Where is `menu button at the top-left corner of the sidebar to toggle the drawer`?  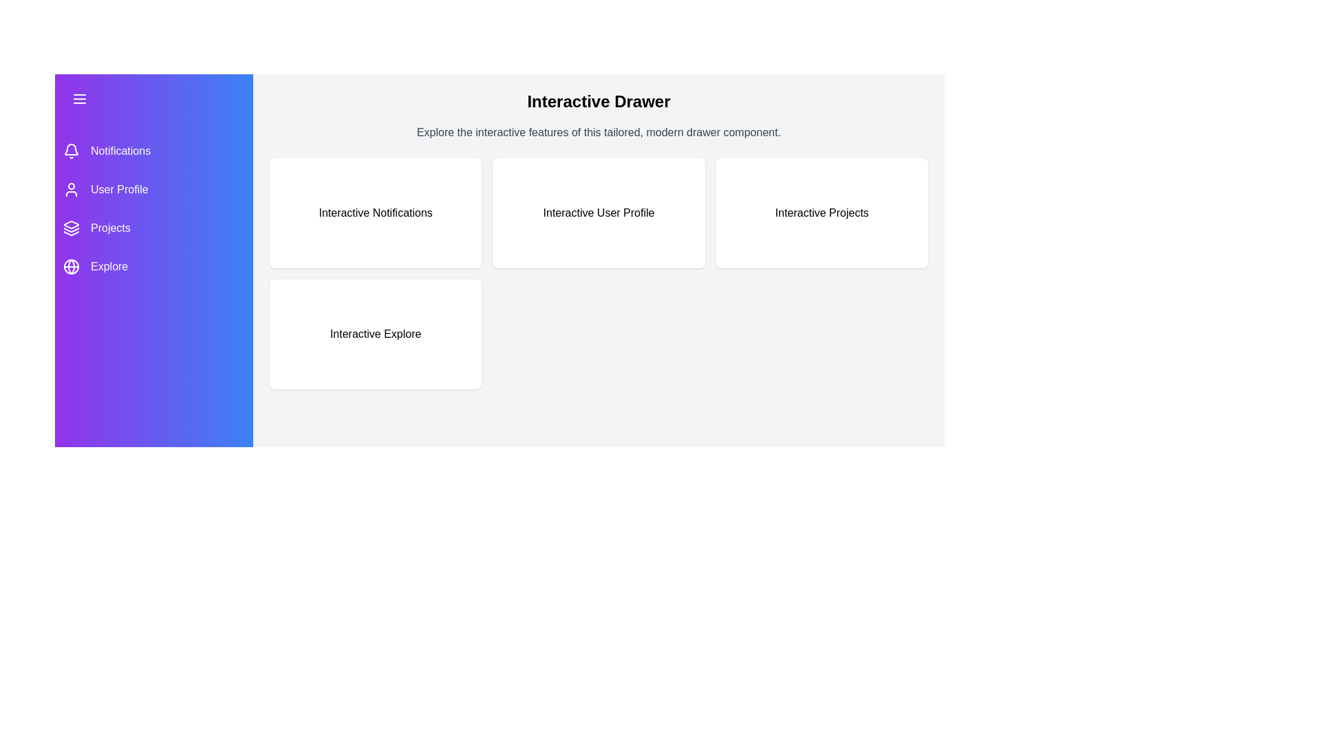
menu button at the top-left corner of the sidebar to toggle the drawer is located at coordinates (78, 98).